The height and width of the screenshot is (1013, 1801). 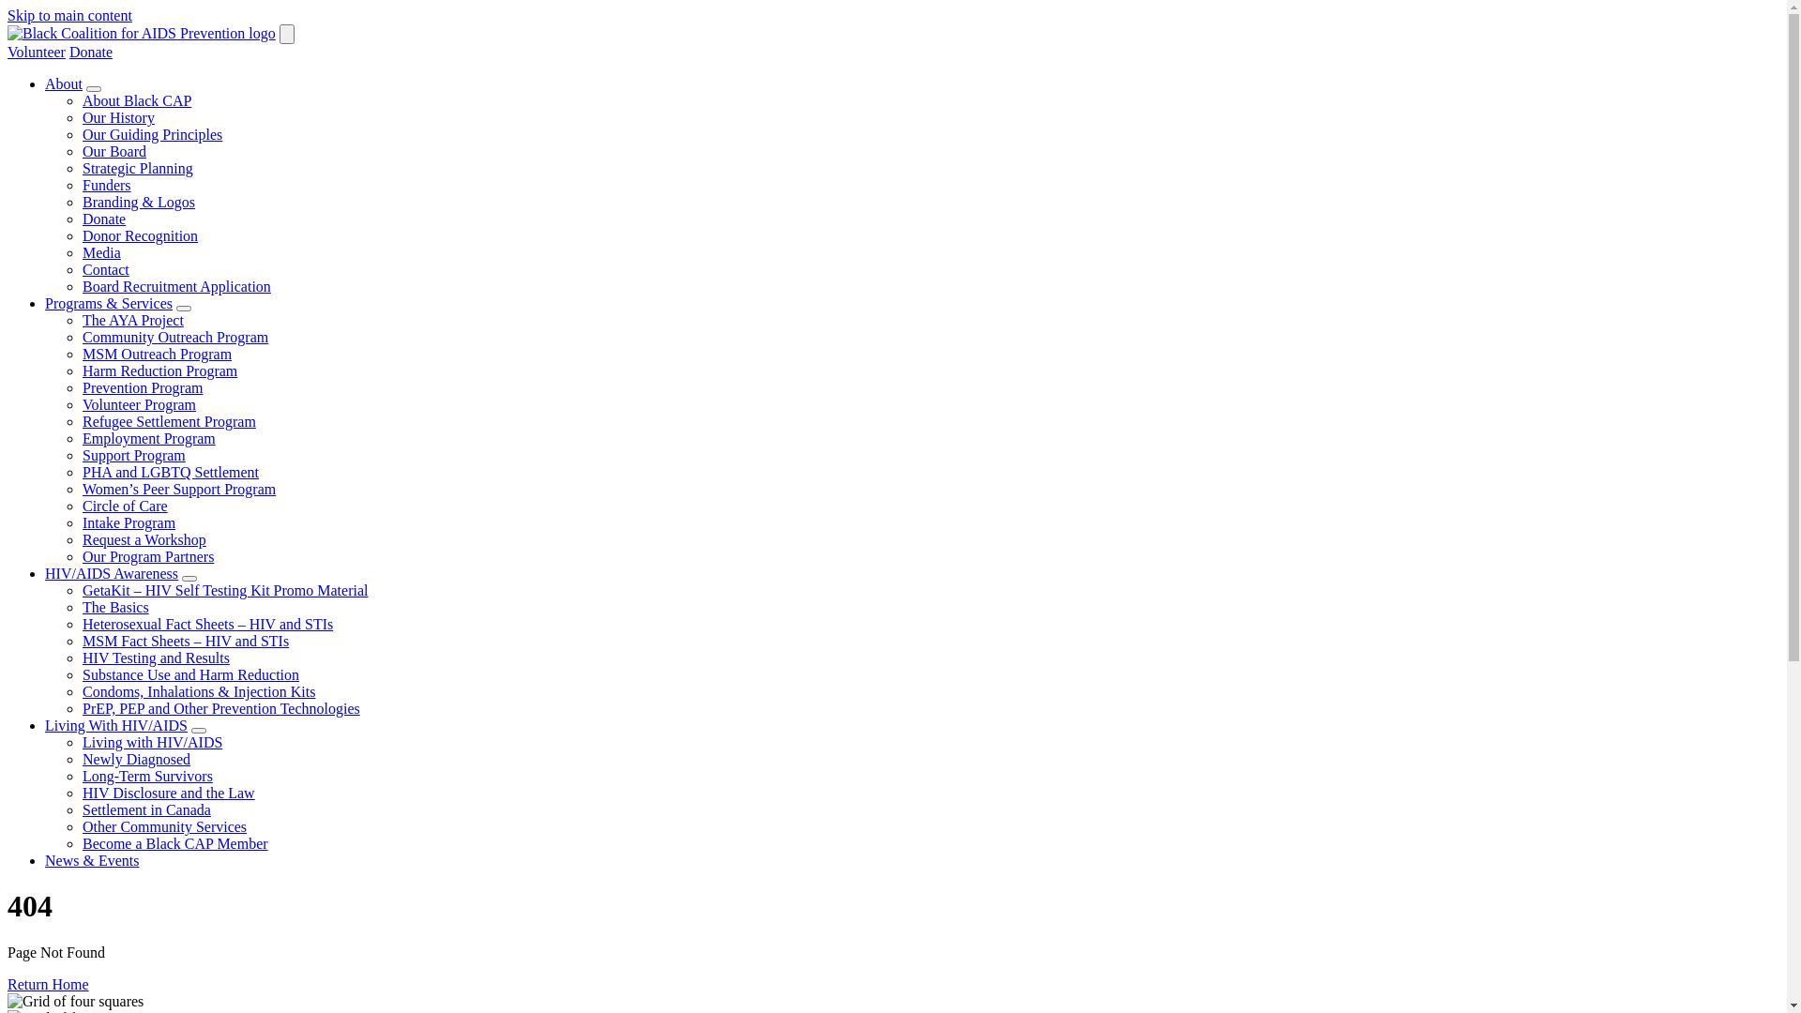 I want to click on 'Board Recruitment Application', so click(x=81, y=286).